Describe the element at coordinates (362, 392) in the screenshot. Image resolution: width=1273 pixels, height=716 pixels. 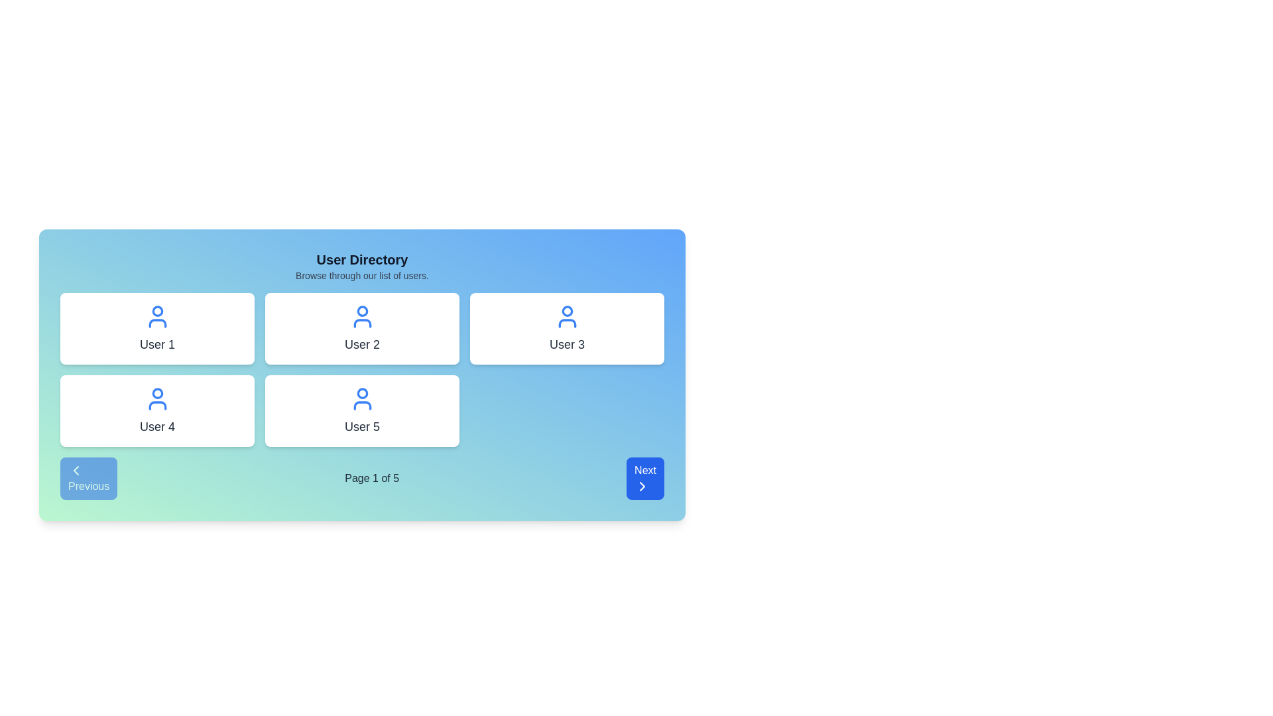
I see `the circular part of the user icon graphic representing 'User 5' in the user directory` at that location.